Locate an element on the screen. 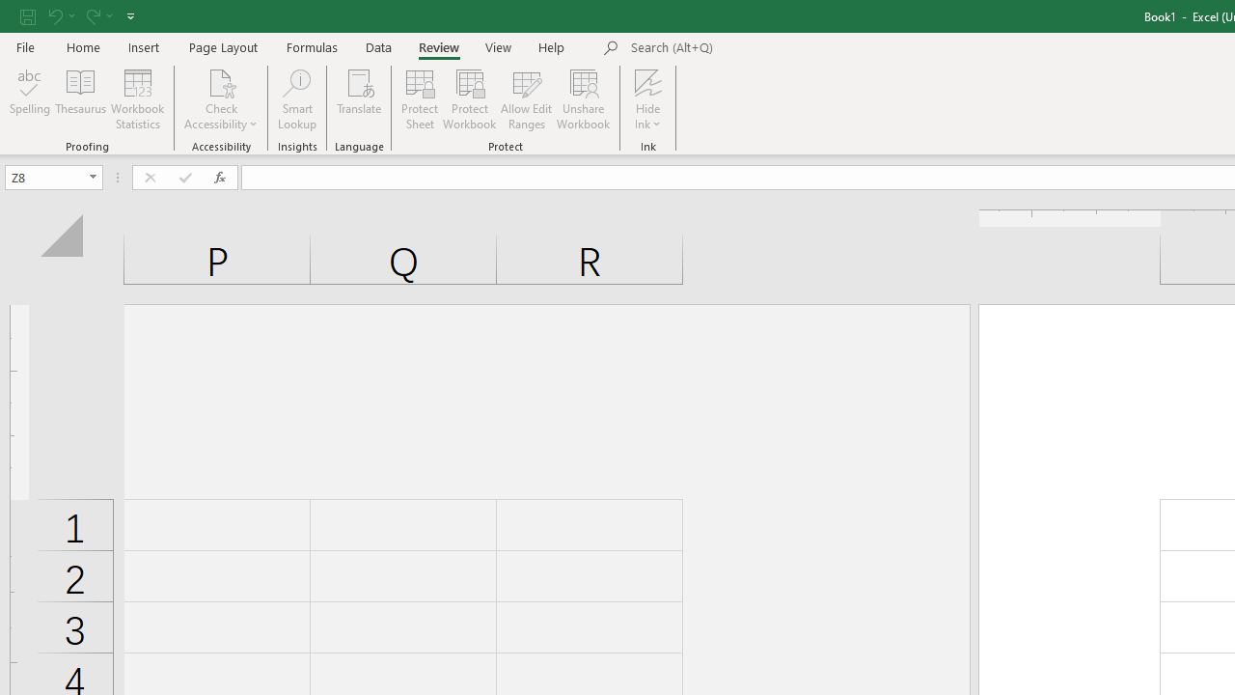  'Protect Workbook...' is located at coordinates (470, 99).